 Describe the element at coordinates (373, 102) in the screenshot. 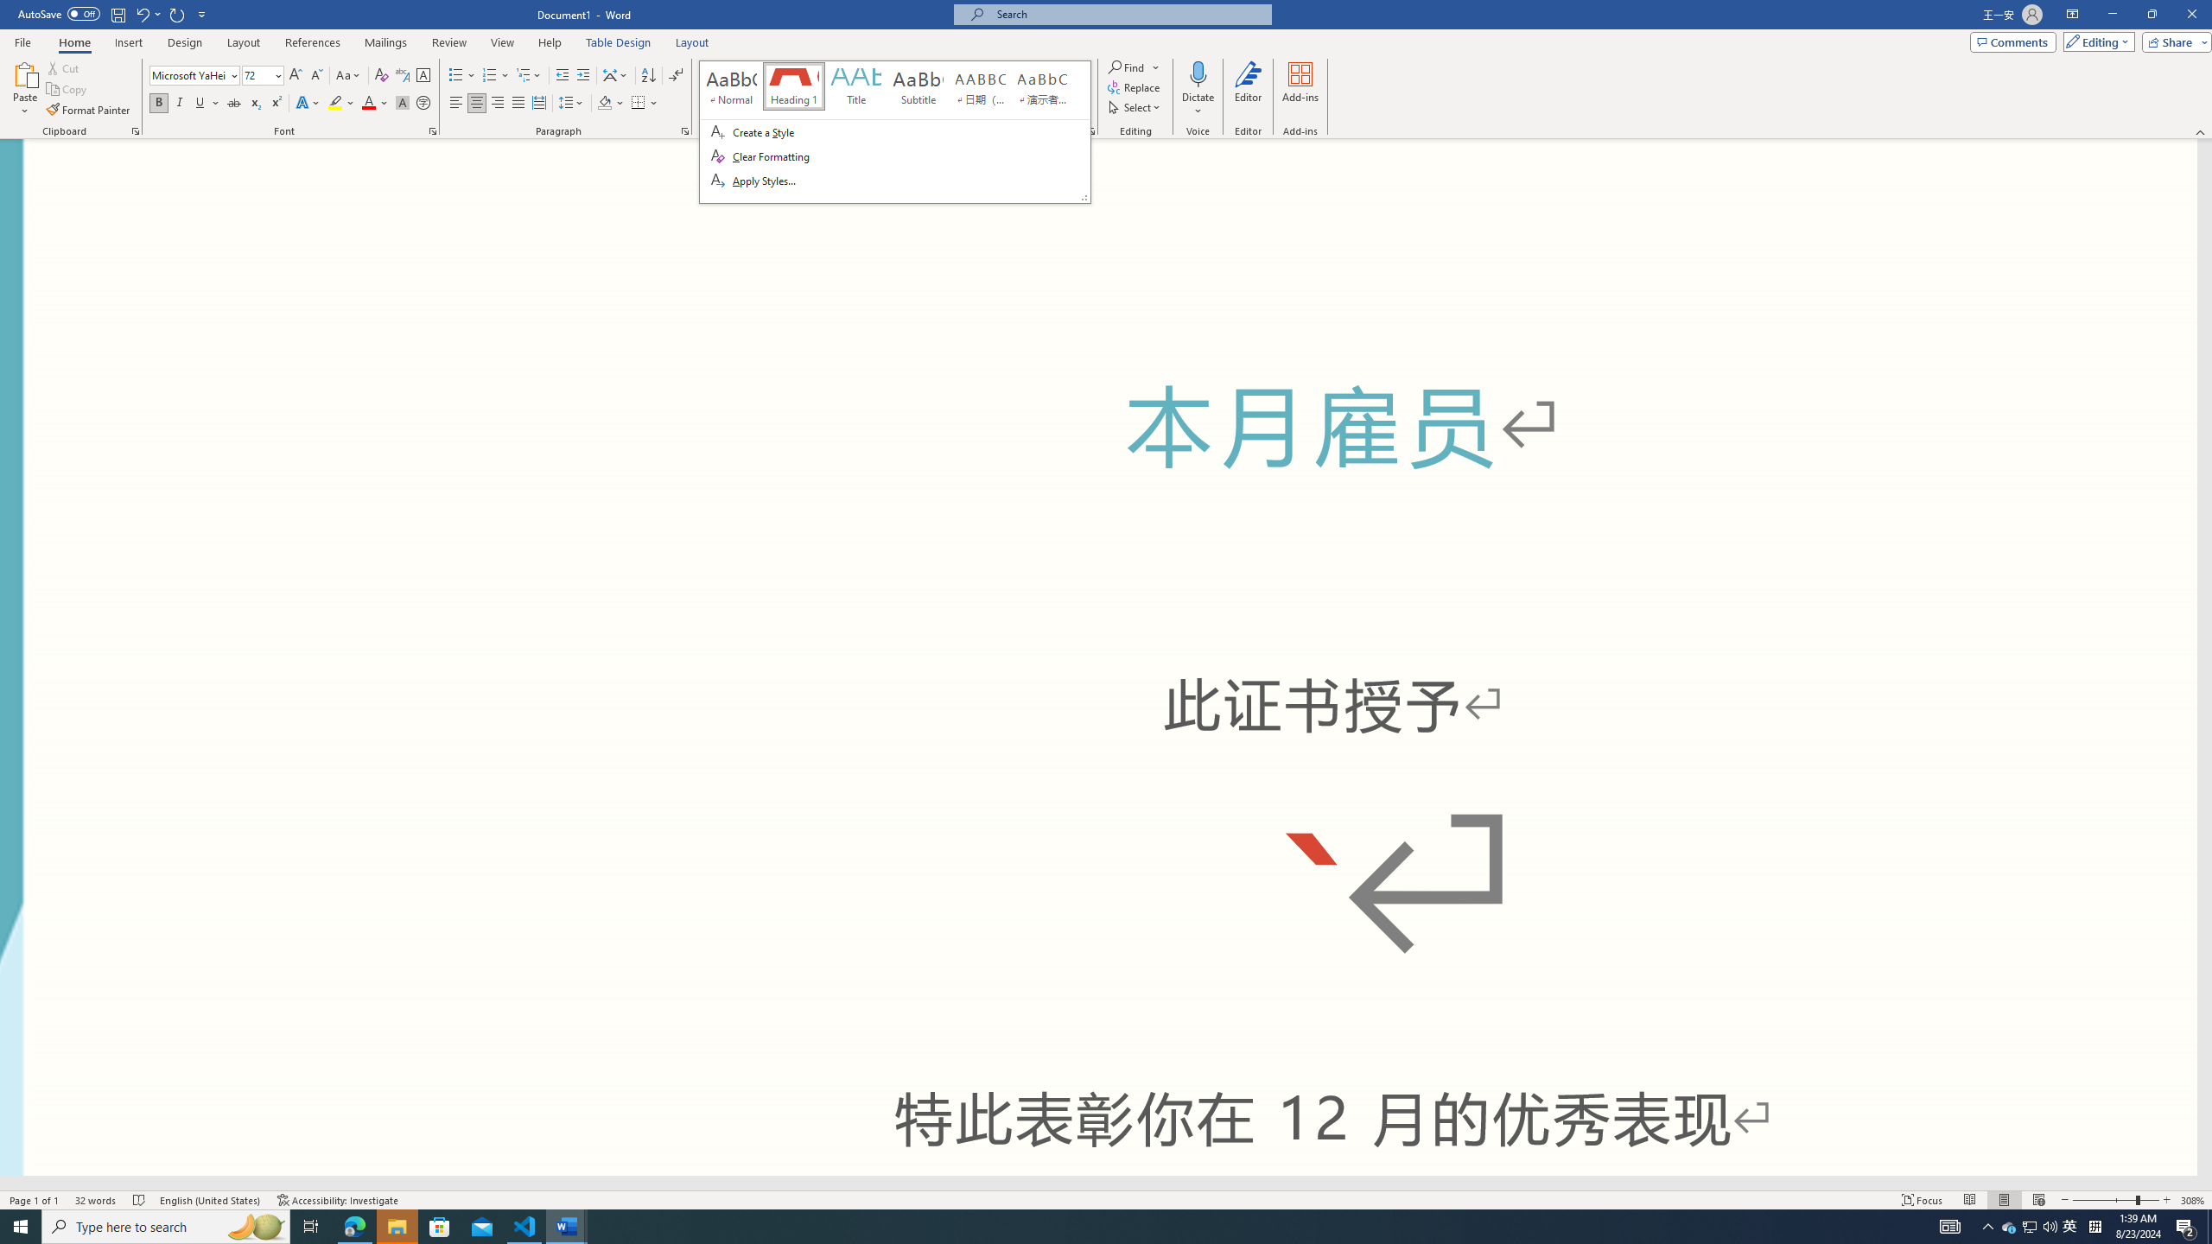

I see `'Font Color'` at that location.